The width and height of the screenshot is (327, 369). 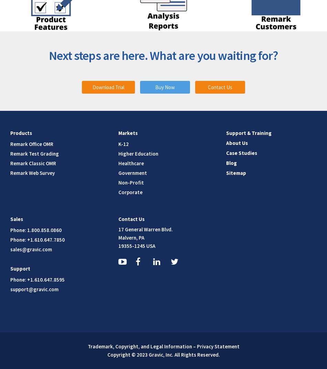 What do you see at coordinates (132, 172) in the screenshot?
I see `'Government'` at bounding box center [132, 172].